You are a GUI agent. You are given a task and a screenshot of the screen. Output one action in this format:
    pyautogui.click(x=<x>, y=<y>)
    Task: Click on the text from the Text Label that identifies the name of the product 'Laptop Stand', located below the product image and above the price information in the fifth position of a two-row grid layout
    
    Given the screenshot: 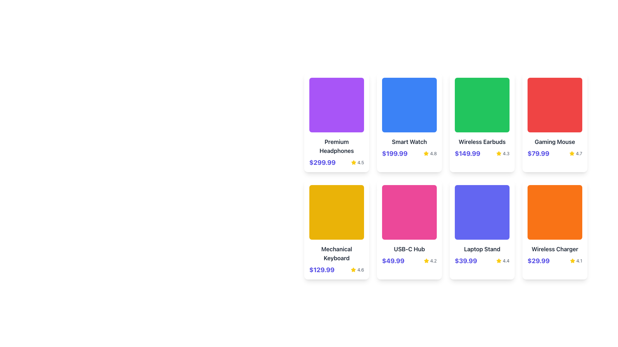 What is the action you would take?
    pyautogui.click(x=482, y=249)
    